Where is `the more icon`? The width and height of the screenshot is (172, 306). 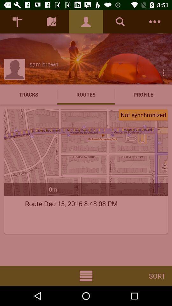
the more icon is located at coordinates (163, 73).